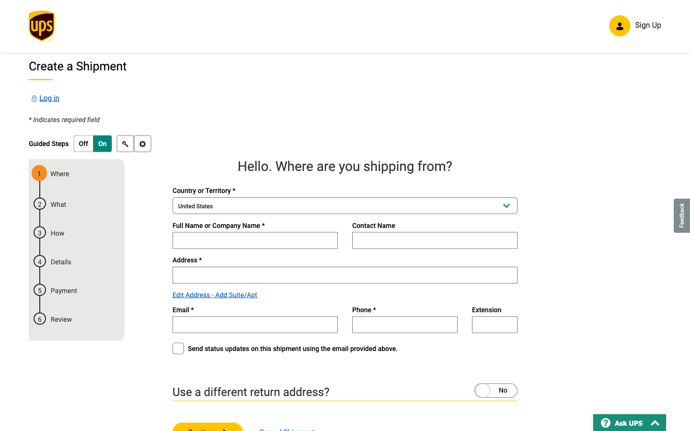 The image size is (690, 431). I want to click on Redirect to the primary page of UPS, so click(41, 28).